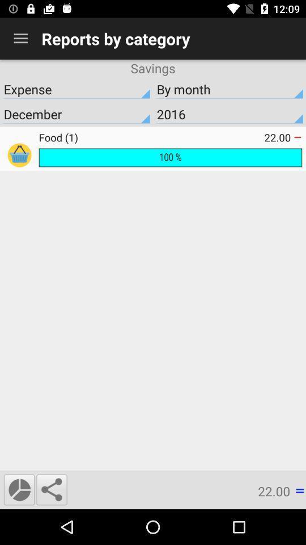 This screenshot has height=545, width=306. Describe the element at coordinates (76, 114) in the screenshot. I see `icon below expense icon` at that location.